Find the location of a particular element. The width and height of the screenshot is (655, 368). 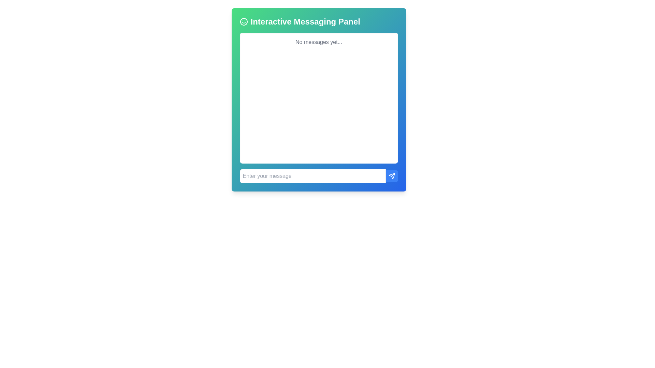

the send icon shaped like a paper plane, which is located within a blue button at the bottom-right corner of the message input section is located at coordinates (392, 175).